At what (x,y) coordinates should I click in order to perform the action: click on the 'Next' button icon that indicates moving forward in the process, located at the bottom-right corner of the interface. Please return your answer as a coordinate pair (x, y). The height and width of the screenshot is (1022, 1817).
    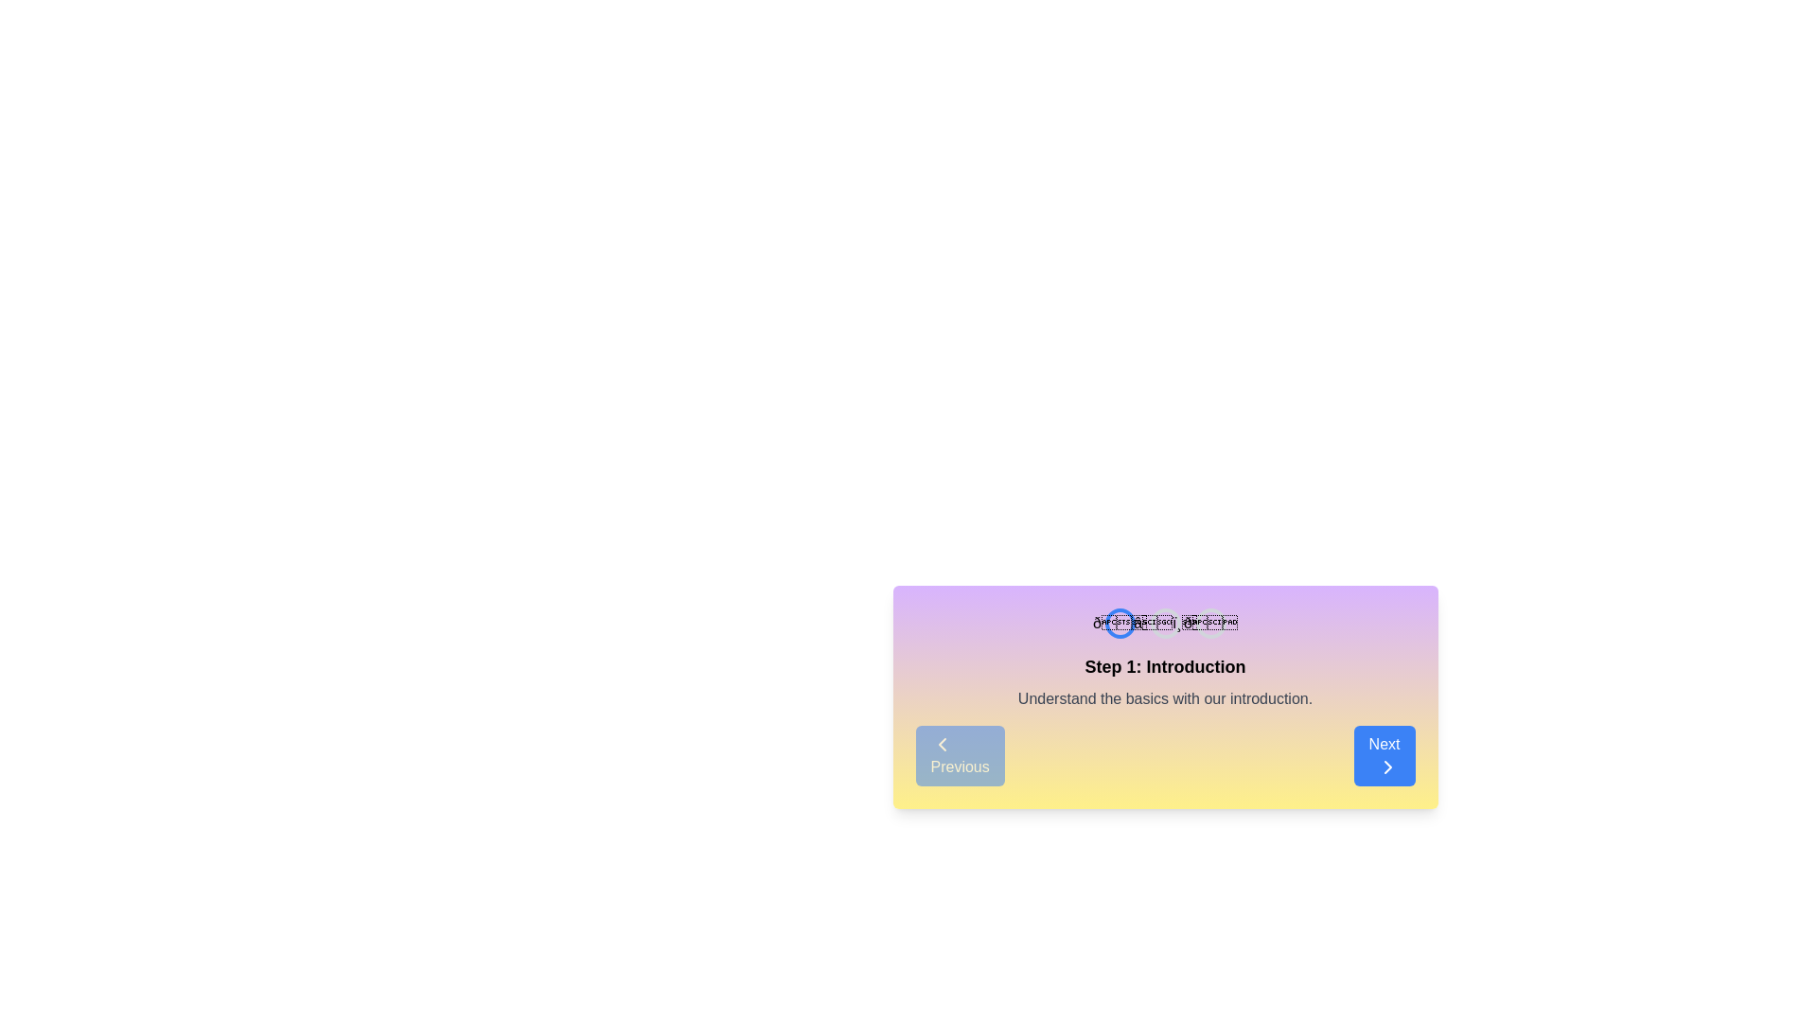
    Looking at the image, I should click on (1387, 766).